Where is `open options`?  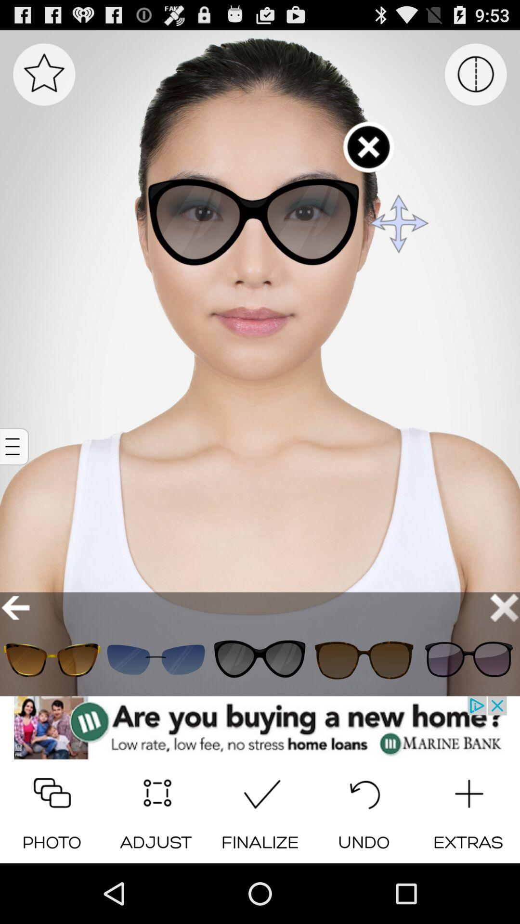 open options is located at coordinates (15, 446).